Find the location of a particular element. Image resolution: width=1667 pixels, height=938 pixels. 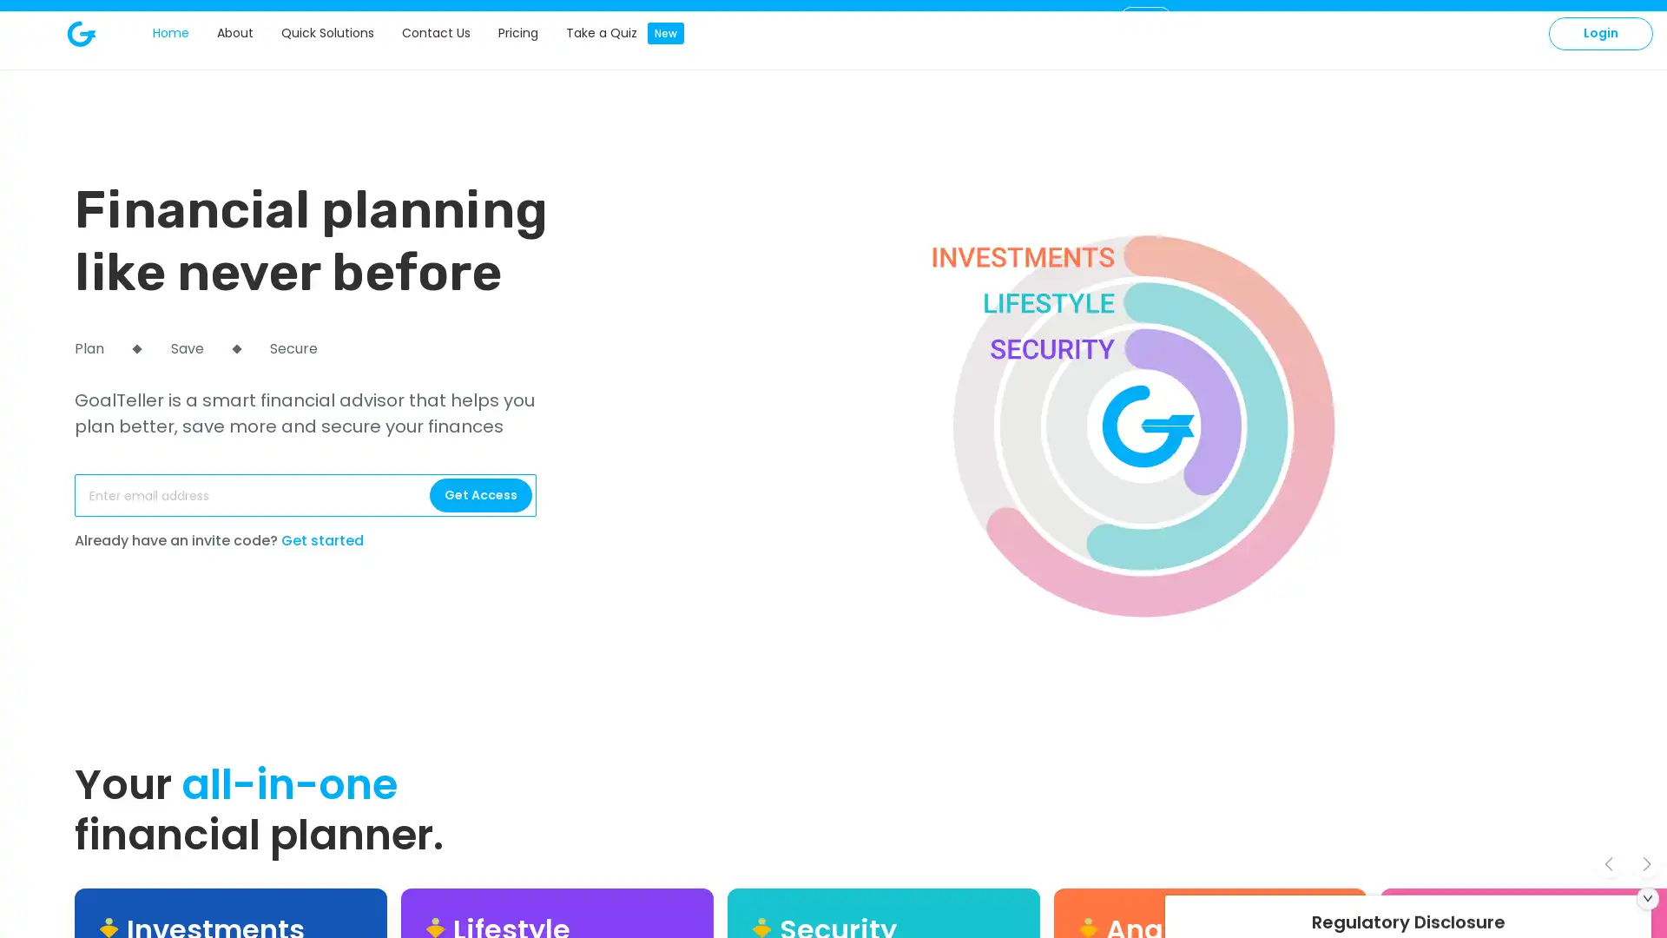

Previous slide is located at coordinates (1608, 863).